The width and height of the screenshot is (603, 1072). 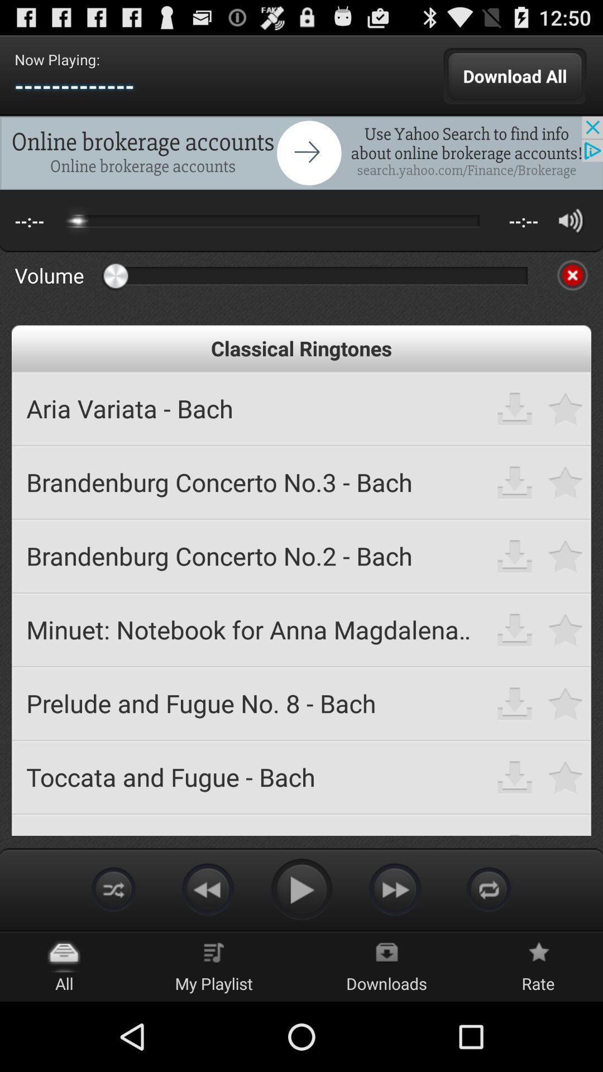 I want to click on the close icon, so click(x=572, y=294).